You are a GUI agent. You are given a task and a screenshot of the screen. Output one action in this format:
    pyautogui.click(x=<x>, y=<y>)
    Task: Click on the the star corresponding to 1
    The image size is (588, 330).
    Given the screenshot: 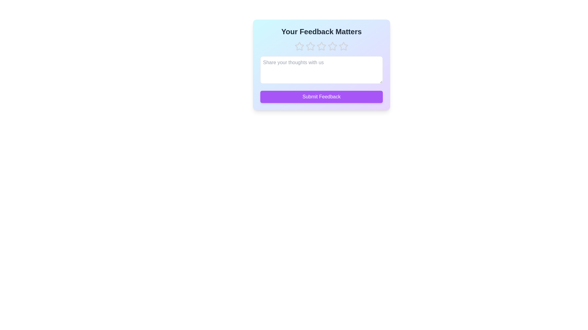 What is the action you would take?
    pyautogui.click(x=300, y=46)
    